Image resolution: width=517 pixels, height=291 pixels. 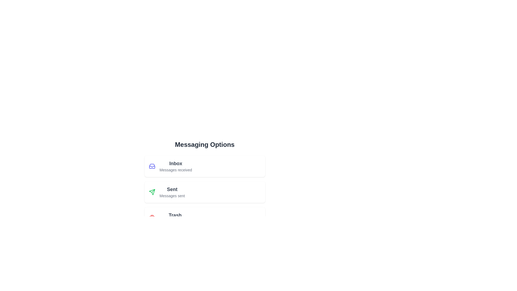 What do you see at coordinates (204, 166) in the screenshot?
I see `the menu item labeled Inbox to observe its hover effect` at bounding box center [204, 166].